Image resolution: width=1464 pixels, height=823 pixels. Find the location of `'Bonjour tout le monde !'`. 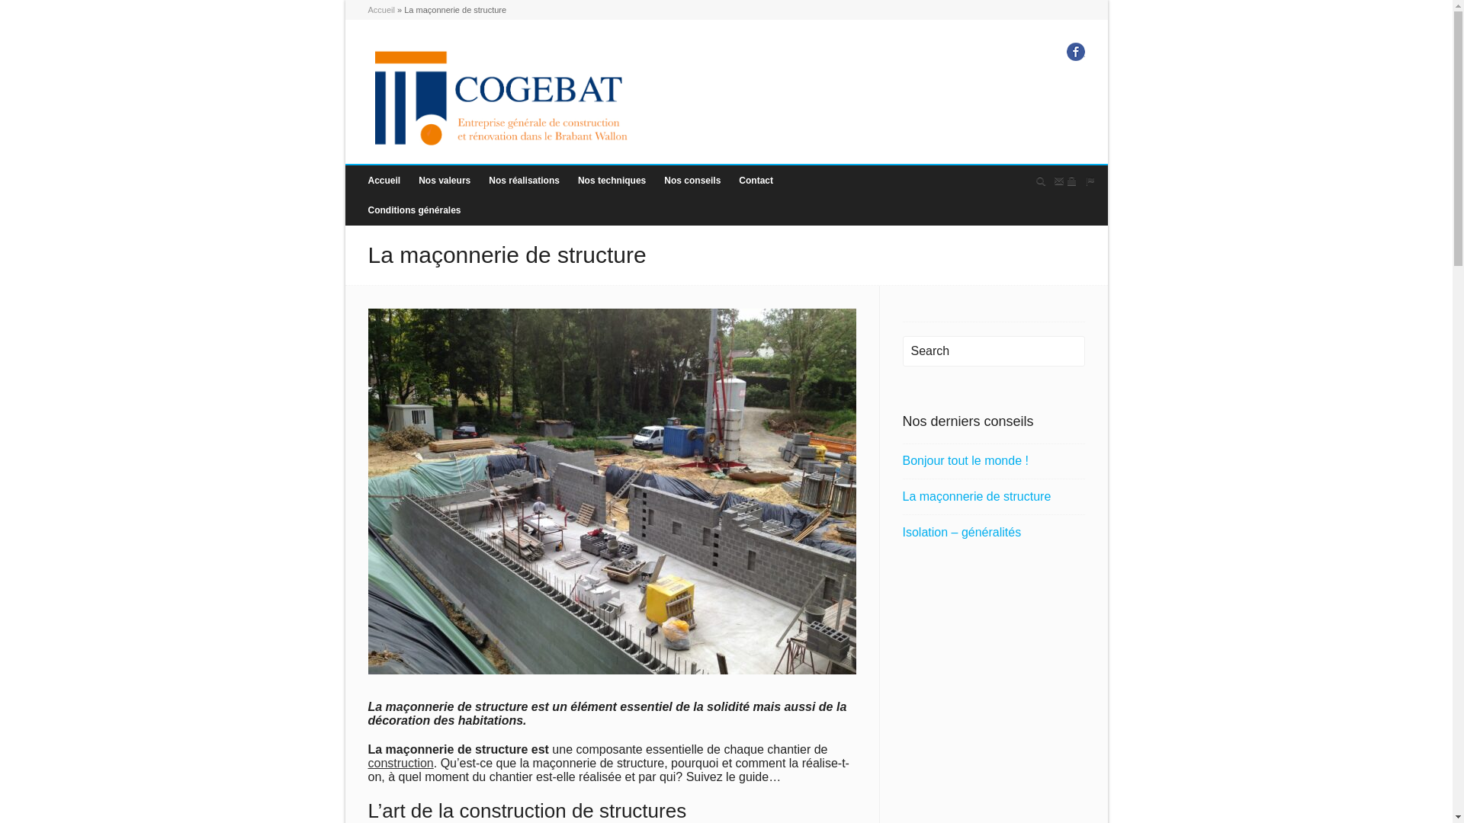

'Bonjour tout le monde !' is located at coordinates (994, 460).